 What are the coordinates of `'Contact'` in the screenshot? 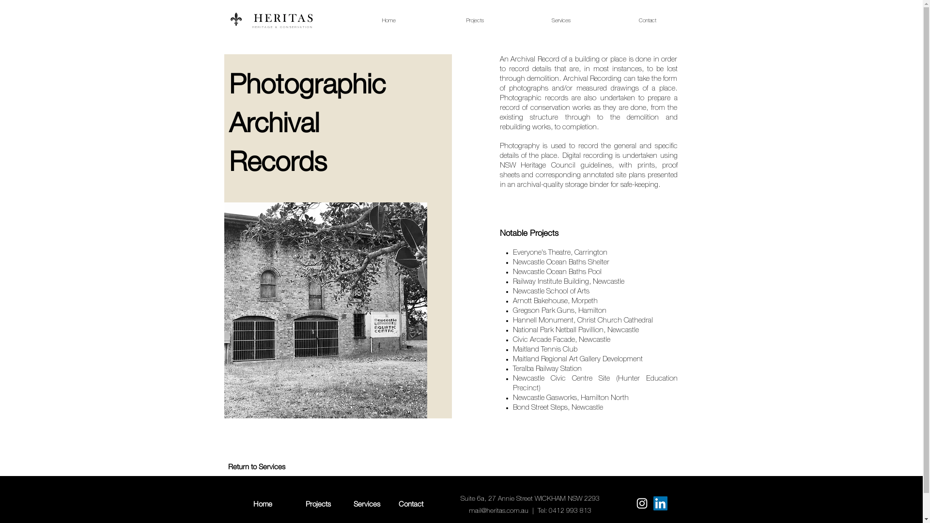 It's located at (411, 503).